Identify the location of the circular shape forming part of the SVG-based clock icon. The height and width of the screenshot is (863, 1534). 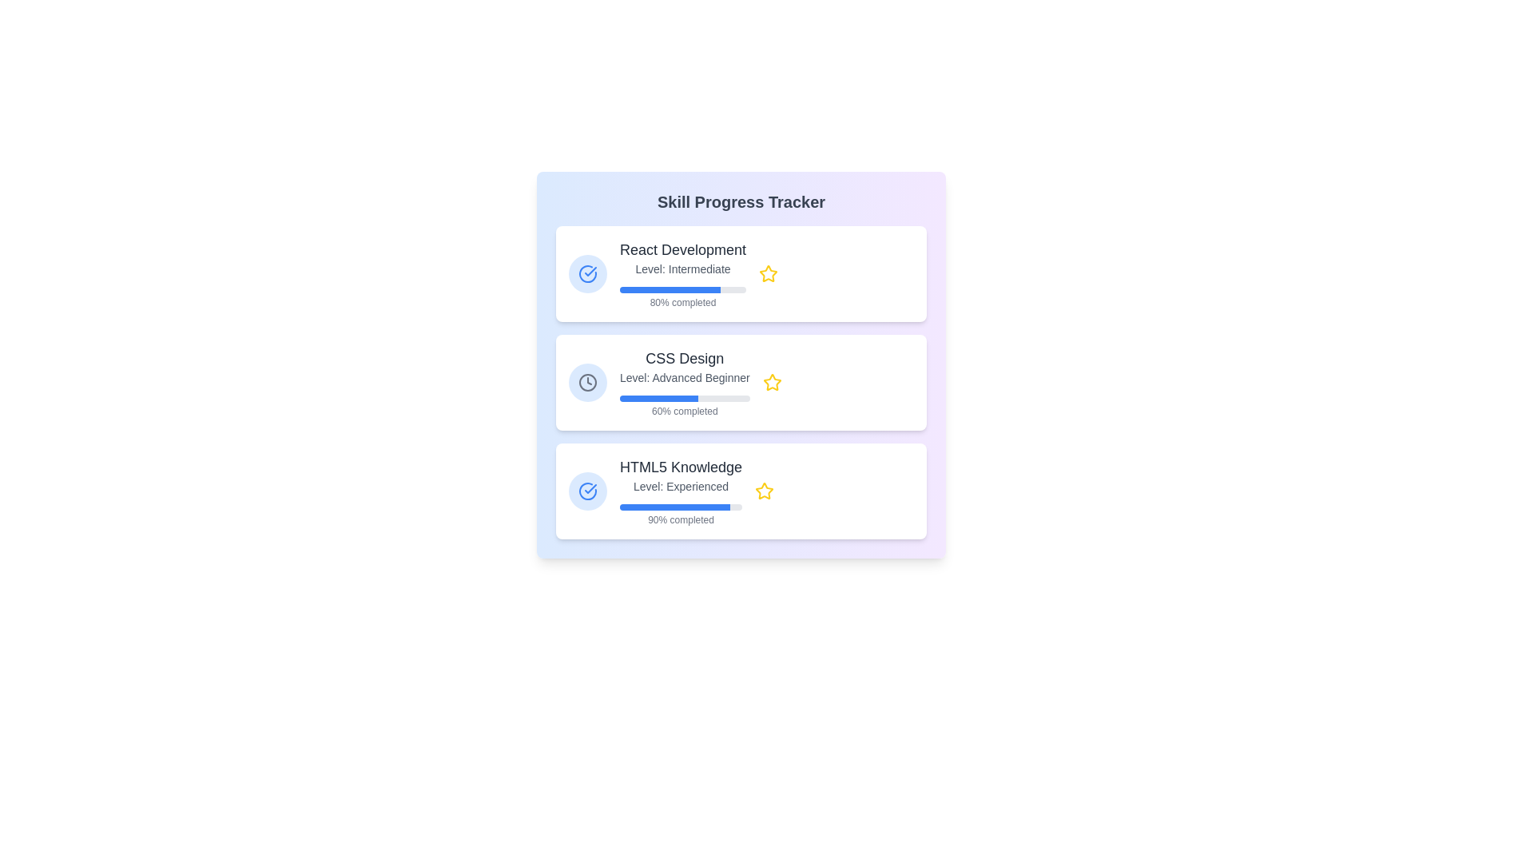
(586, 382).